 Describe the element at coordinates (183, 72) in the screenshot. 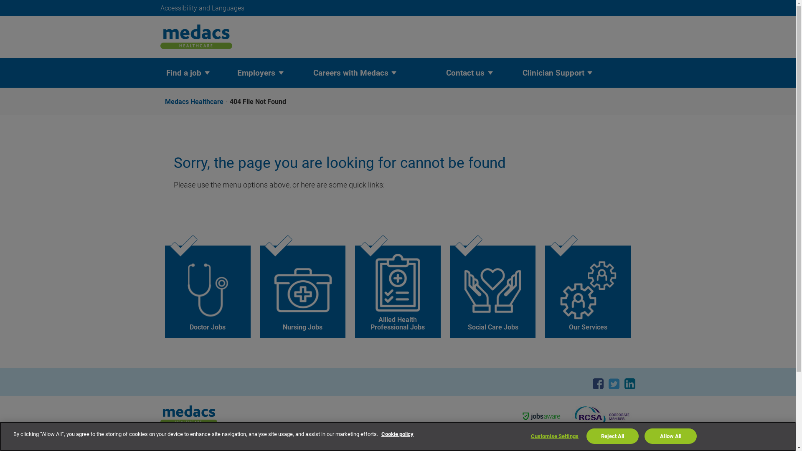

I see `'Find a job'` at that location.